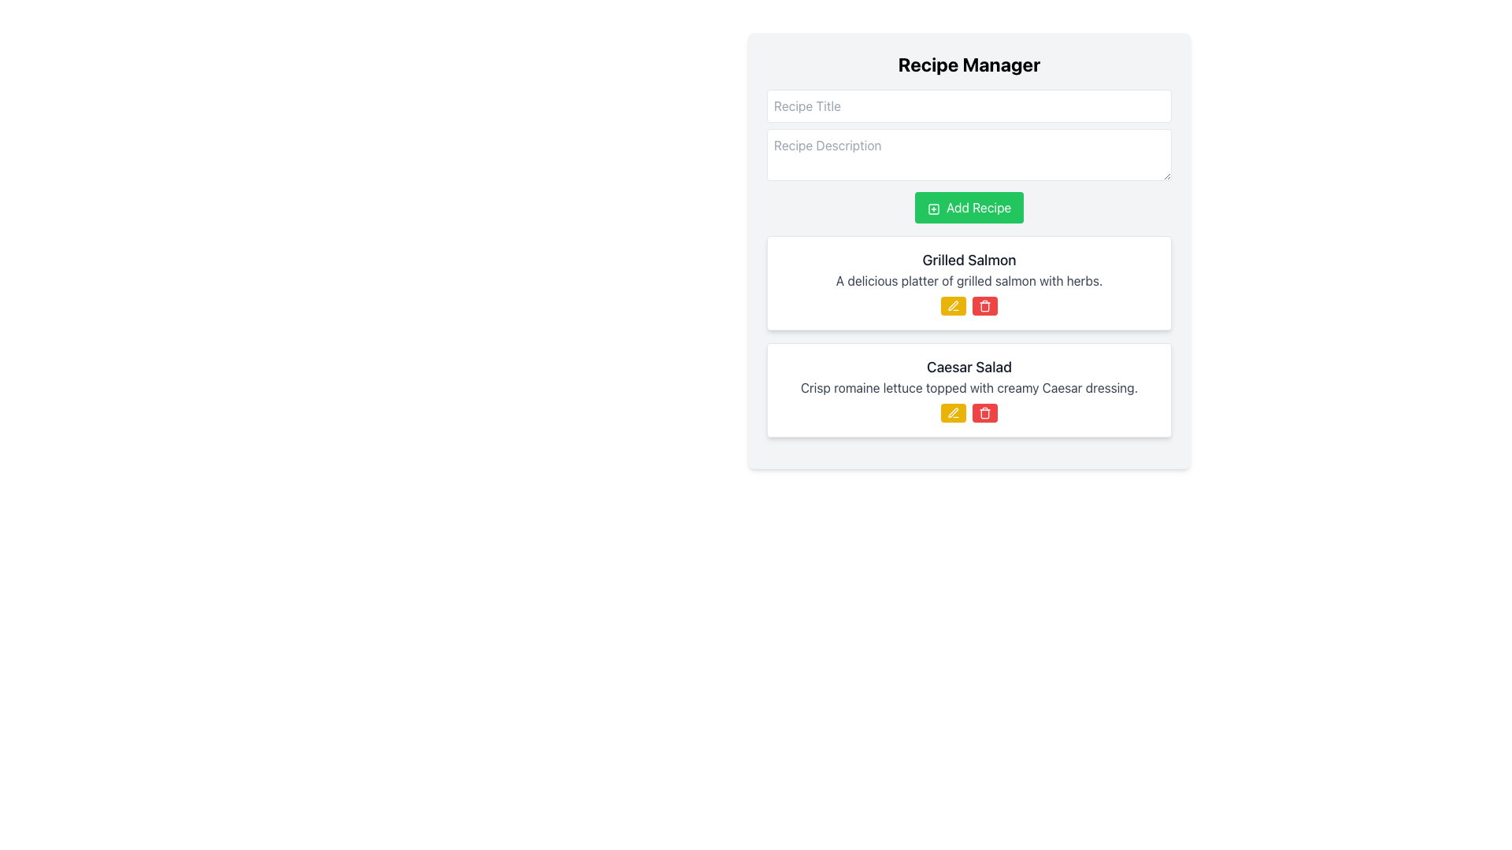 The image size is (1512, 850). Describe the element at coordinates (984, 412) in the screenshot. I see `the delete button located in the bottom-right corner of the 'Caesar Salad' recipe card` at that location.